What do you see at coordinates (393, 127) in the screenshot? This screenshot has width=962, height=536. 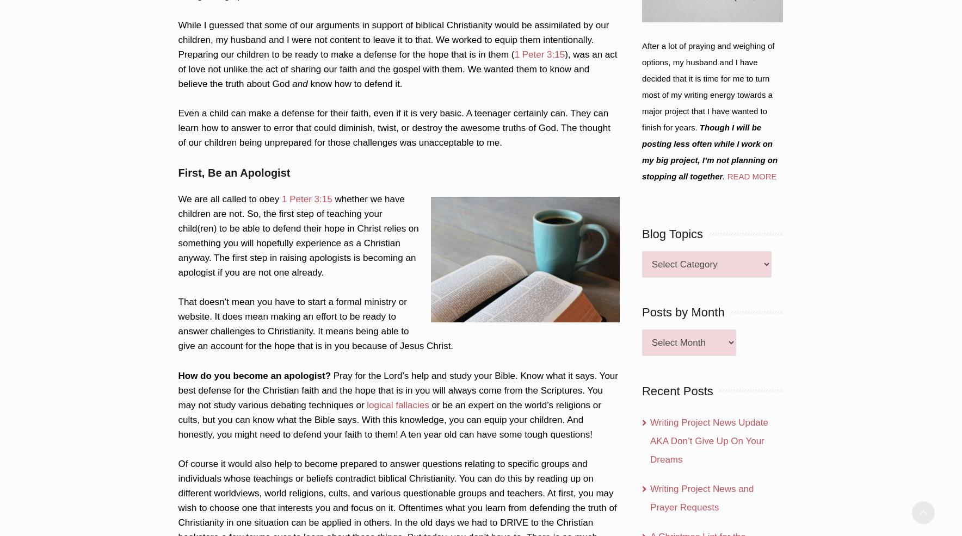 I see `'Even a child can make a defense for their faith, even if it is very basic. A teenager certainly can. They can learn how to answer to error that could diminish, twist, or destroy the awesome truths of God. The thought of our children being unprepared for those challenges was unacceptable to me.'` at bounding box center [393, 127].